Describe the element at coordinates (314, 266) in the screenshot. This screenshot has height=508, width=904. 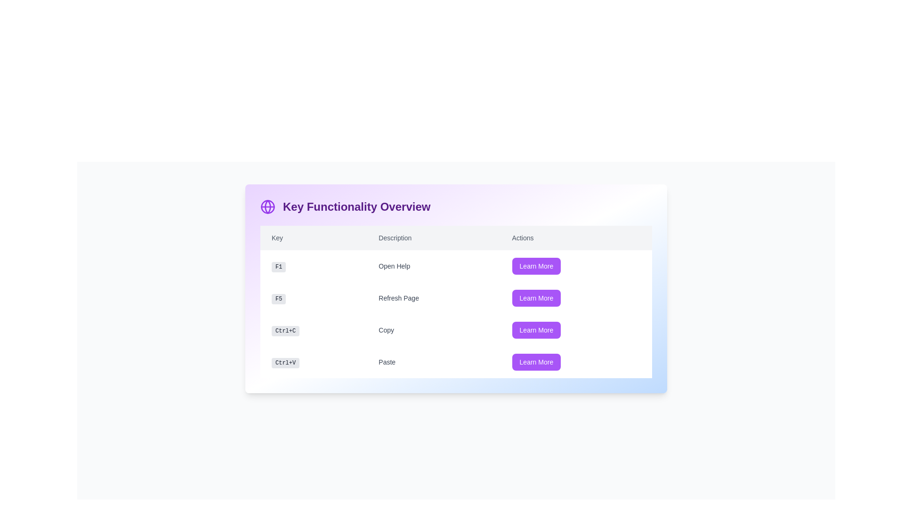
I see `the static text label element representing the 'F1' key` at that location.